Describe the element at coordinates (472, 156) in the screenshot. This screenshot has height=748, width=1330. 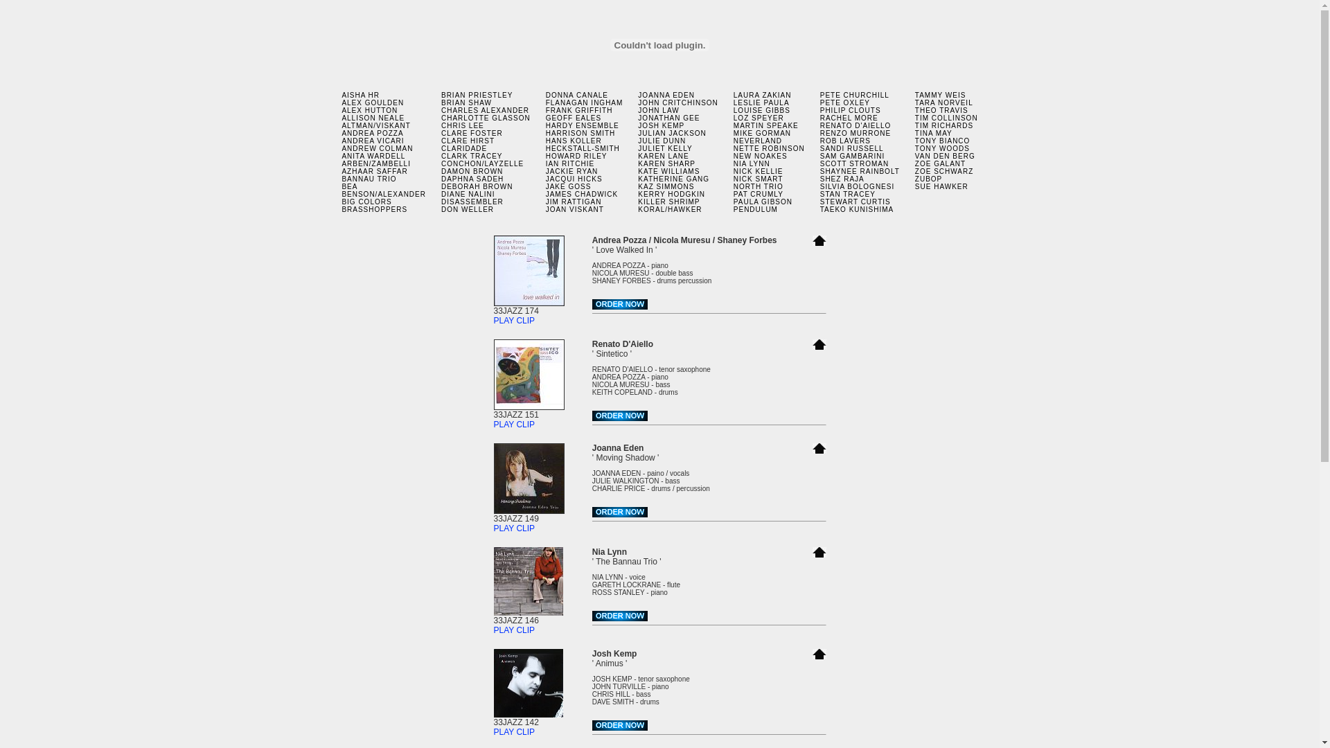
I see `'CLARK TRACEY'` at that location.